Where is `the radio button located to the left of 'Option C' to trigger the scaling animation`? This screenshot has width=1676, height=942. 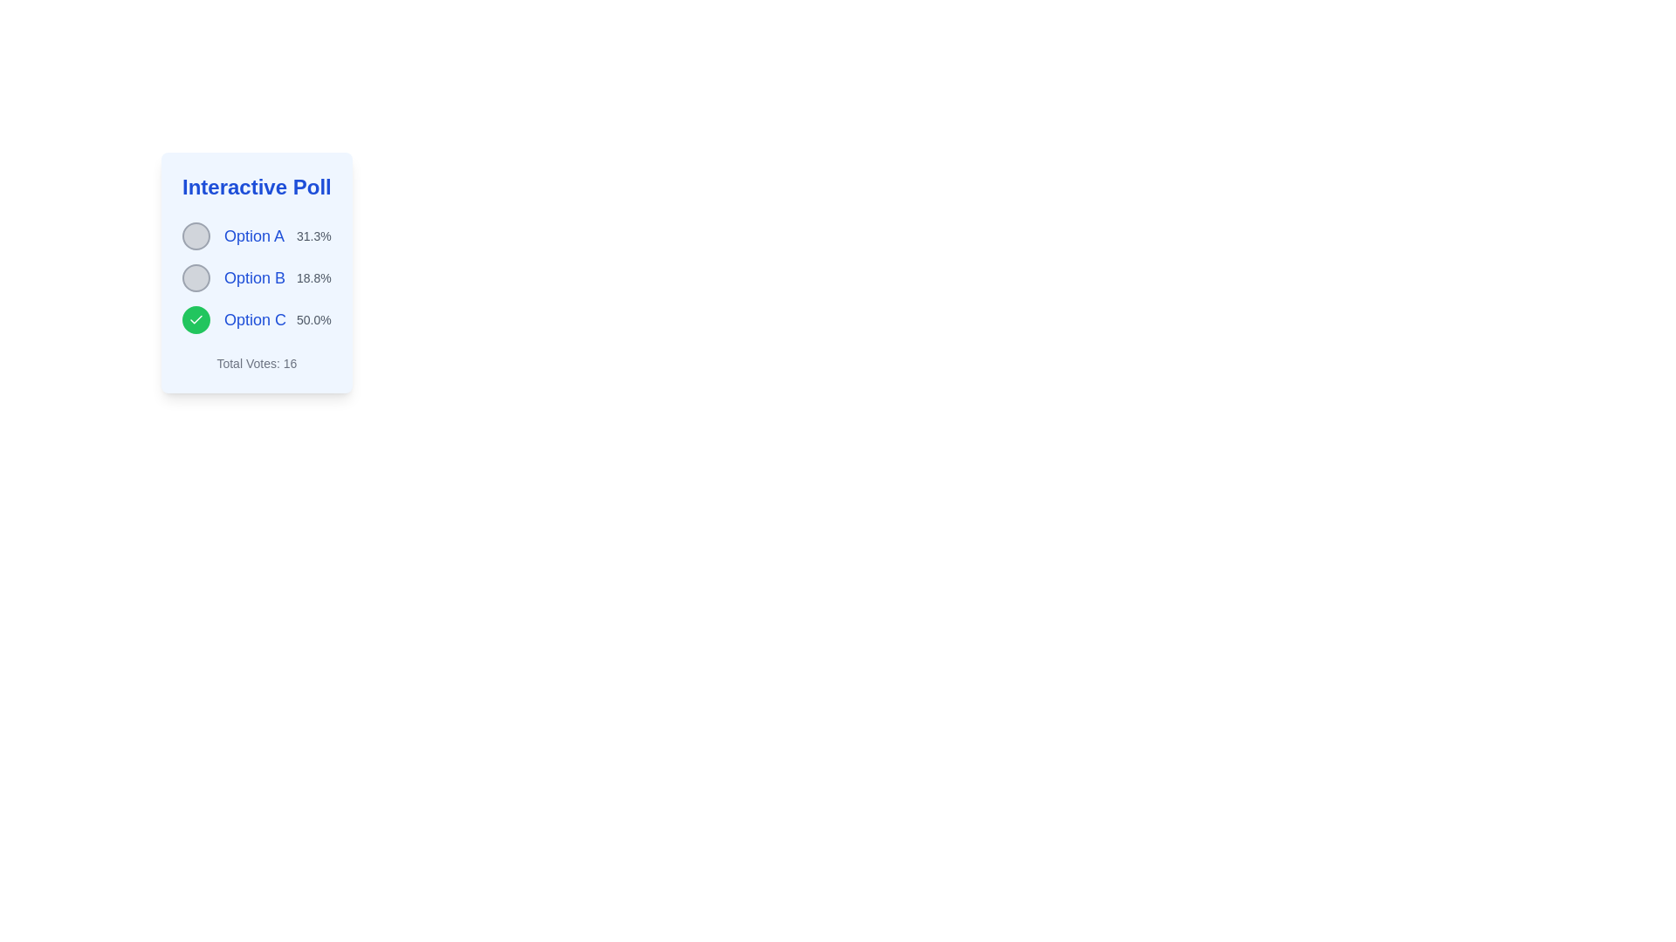
the radio button located to the left of 'Option C' to trigger the scaling animation is located at coordinates (196, 319).